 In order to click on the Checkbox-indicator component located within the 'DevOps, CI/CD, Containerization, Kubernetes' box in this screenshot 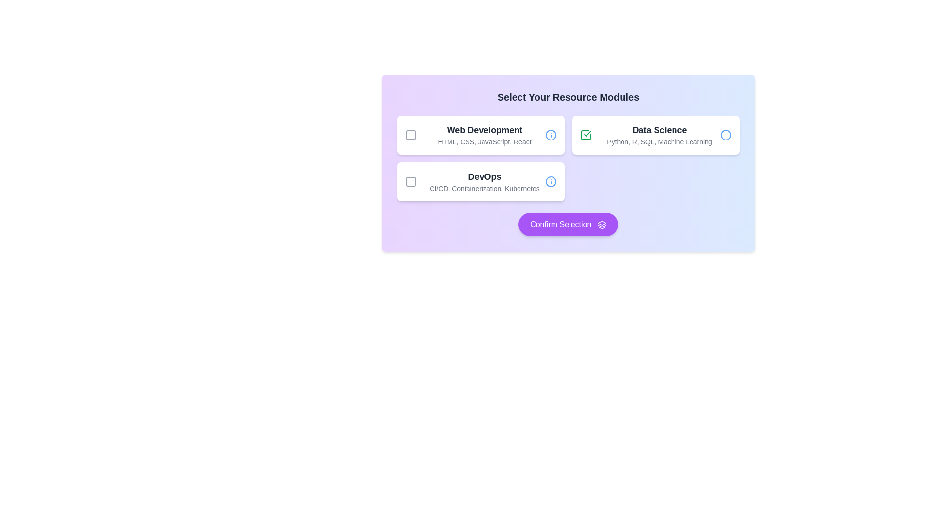, I will do `click(411, 182)`.